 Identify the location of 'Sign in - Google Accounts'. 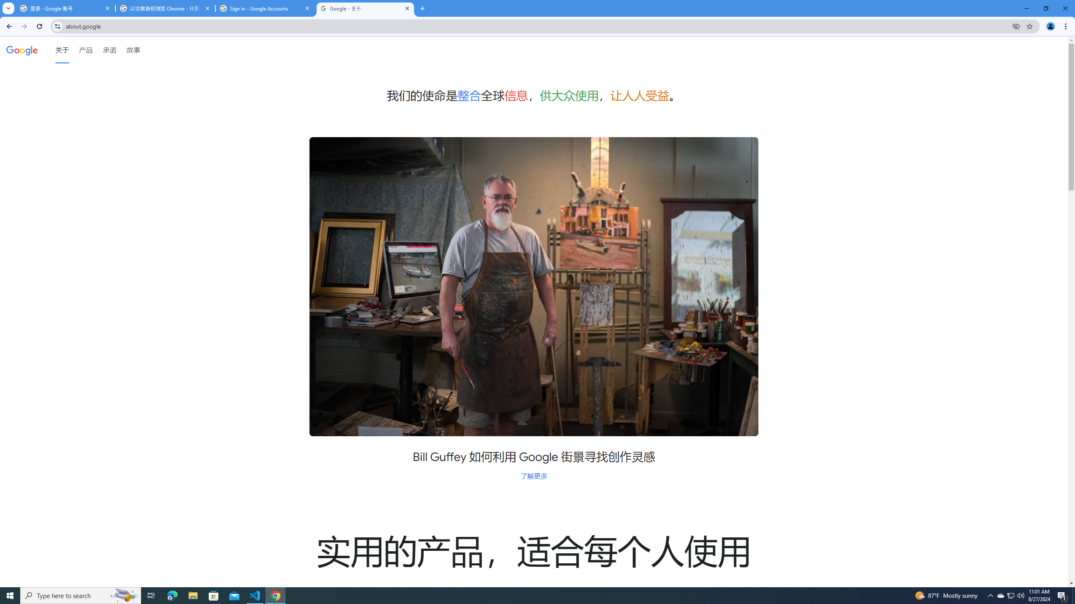
(265, 8).